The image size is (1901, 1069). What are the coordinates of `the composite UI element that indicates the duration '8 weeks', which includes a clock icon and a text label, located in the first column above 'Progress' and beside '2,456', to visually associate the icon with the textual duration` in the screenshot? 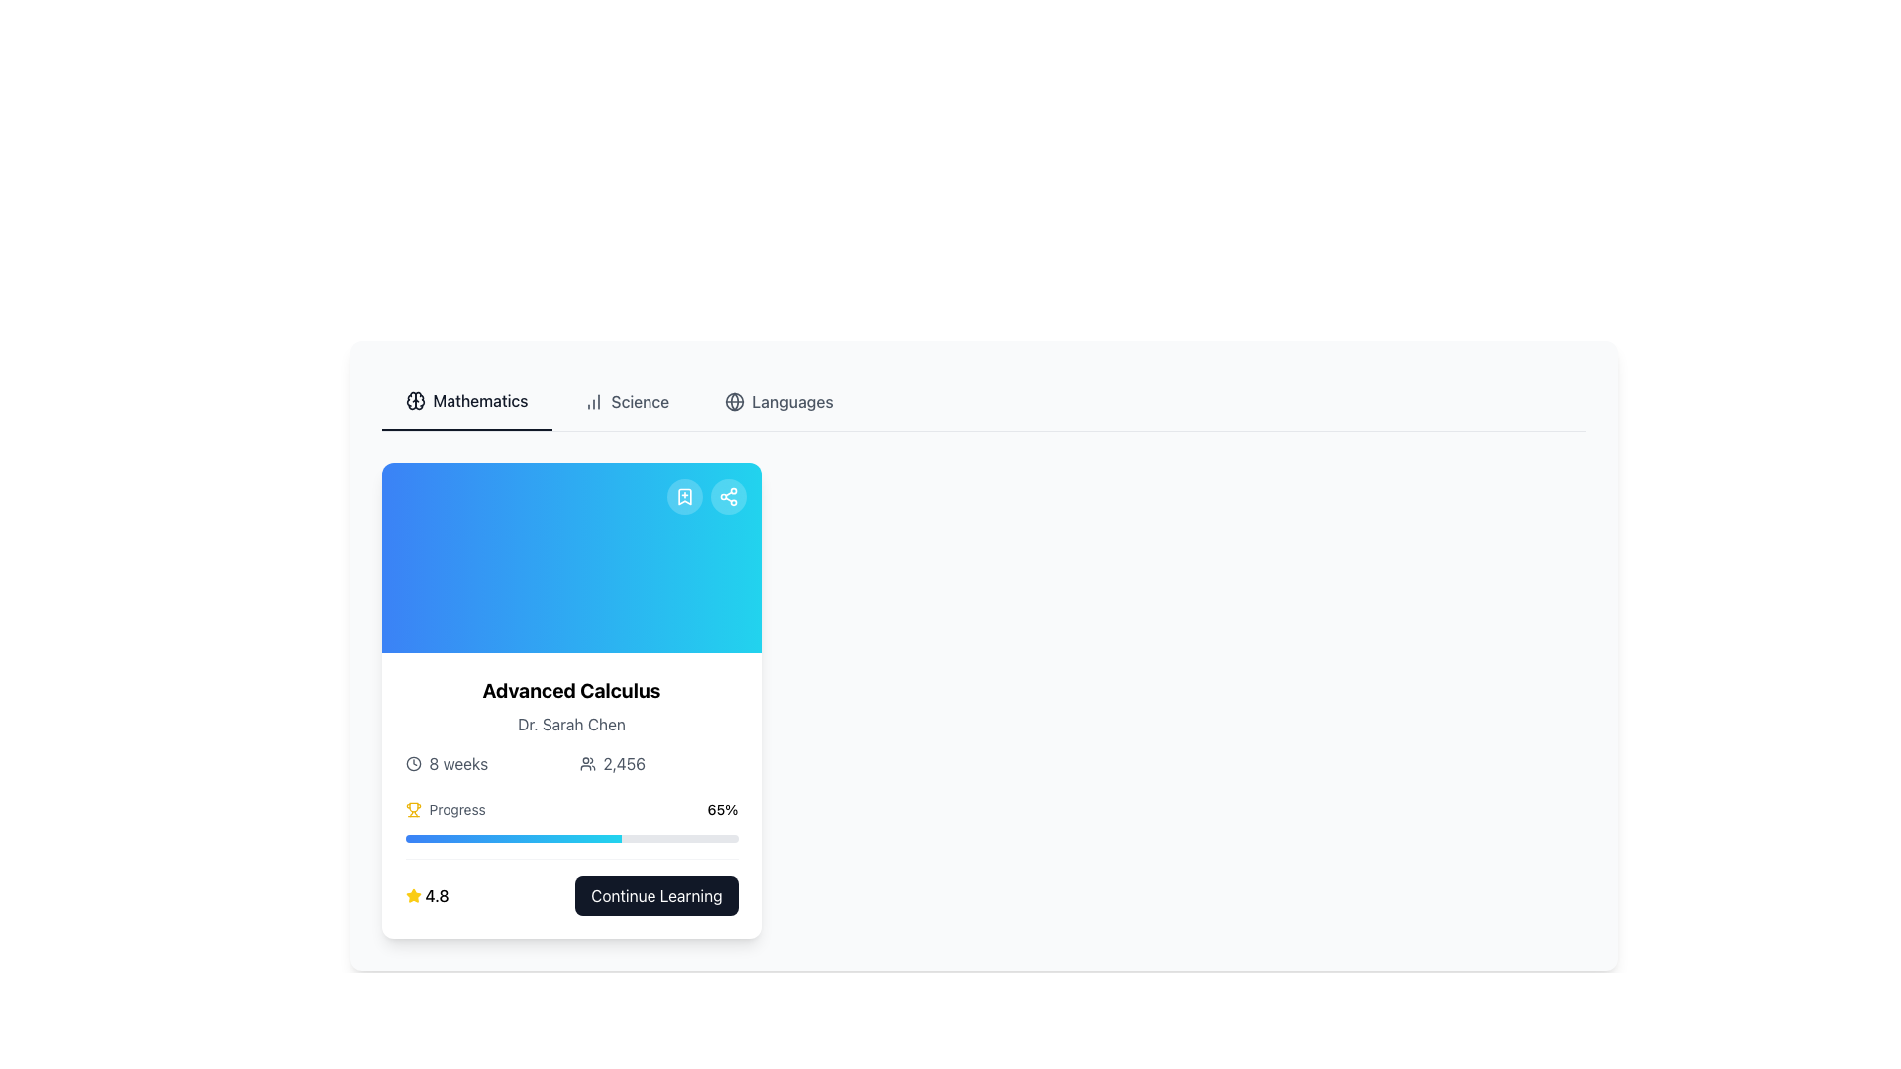 It's located at (484, 762).